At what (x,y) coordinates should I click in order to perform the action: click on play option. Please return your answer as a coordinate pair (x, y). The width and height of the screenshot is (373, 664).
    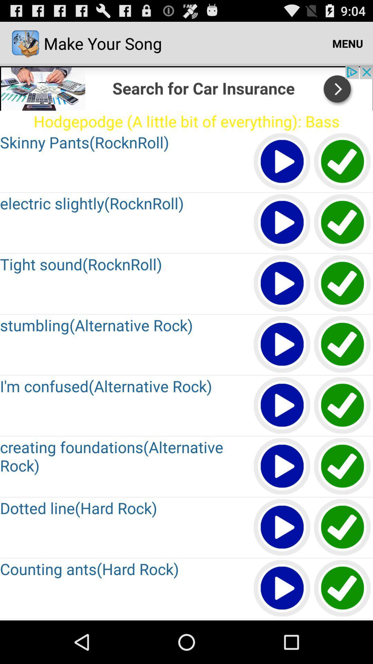
    Looking at the image, I should click on (282, 284).